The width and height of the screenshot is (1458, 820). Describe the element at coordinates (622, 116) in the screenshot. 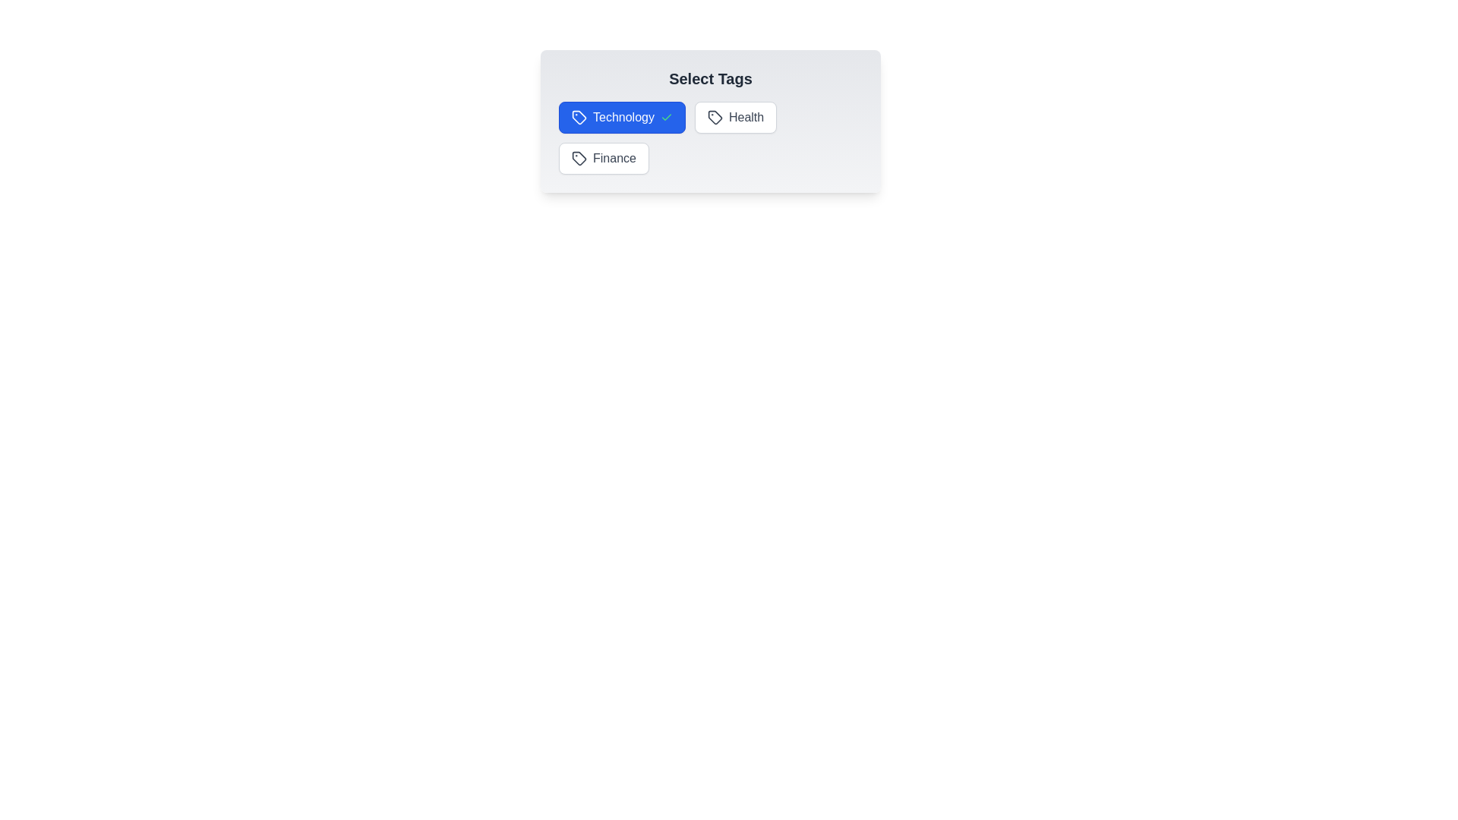

I see `the tag Technology to toggle its selection` at that location.